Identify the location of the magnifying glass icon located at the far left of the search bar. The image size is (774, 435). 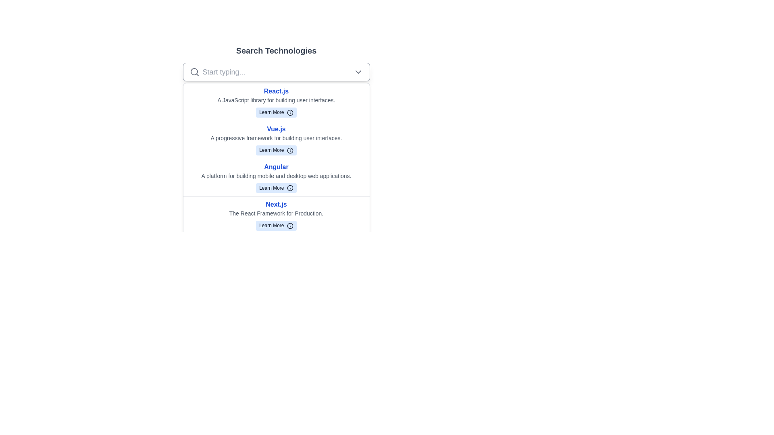
(194, 71).